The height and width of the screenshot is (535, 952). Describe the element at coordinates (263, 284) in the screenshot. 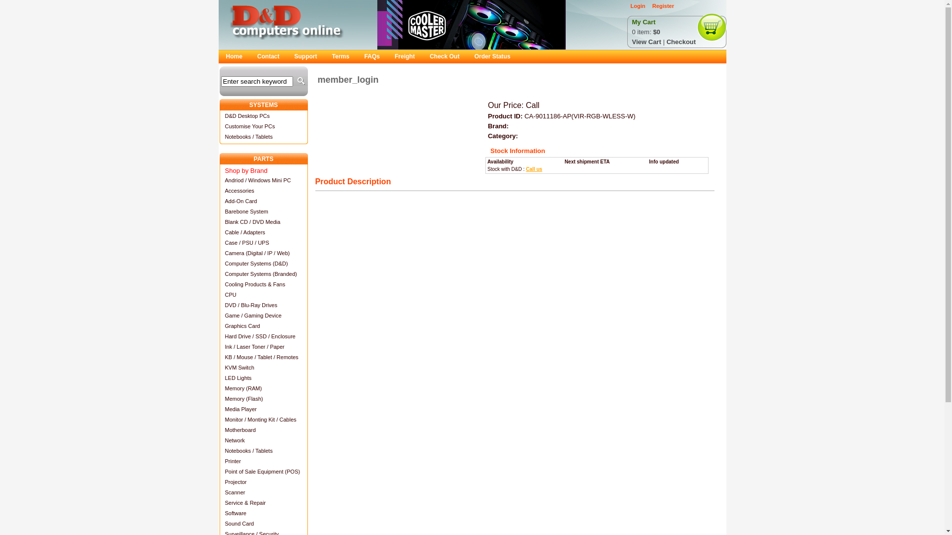

I see `'Cooling Products & Fans'` at that location.